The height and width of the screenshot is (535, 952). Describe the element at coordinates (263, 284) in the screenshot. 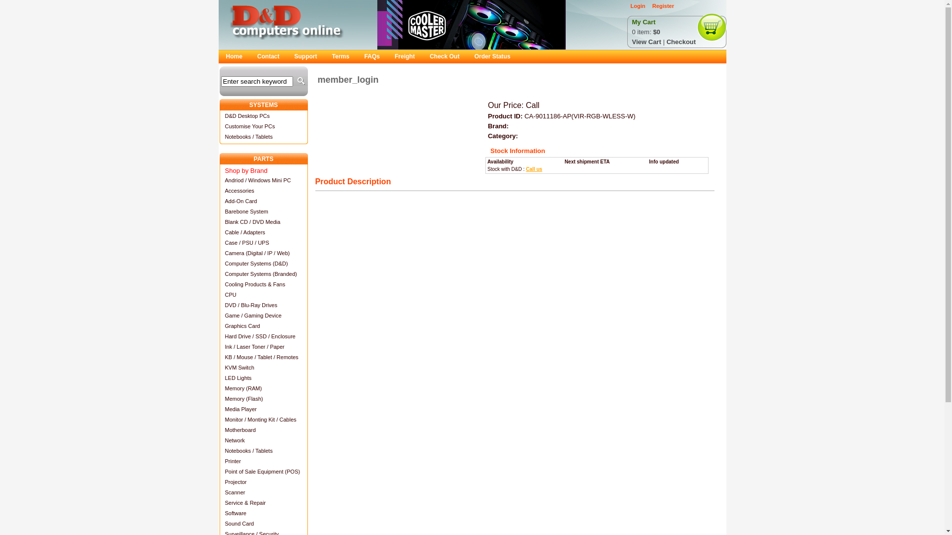

I see `'Cooling Products & Fans'` at that location.